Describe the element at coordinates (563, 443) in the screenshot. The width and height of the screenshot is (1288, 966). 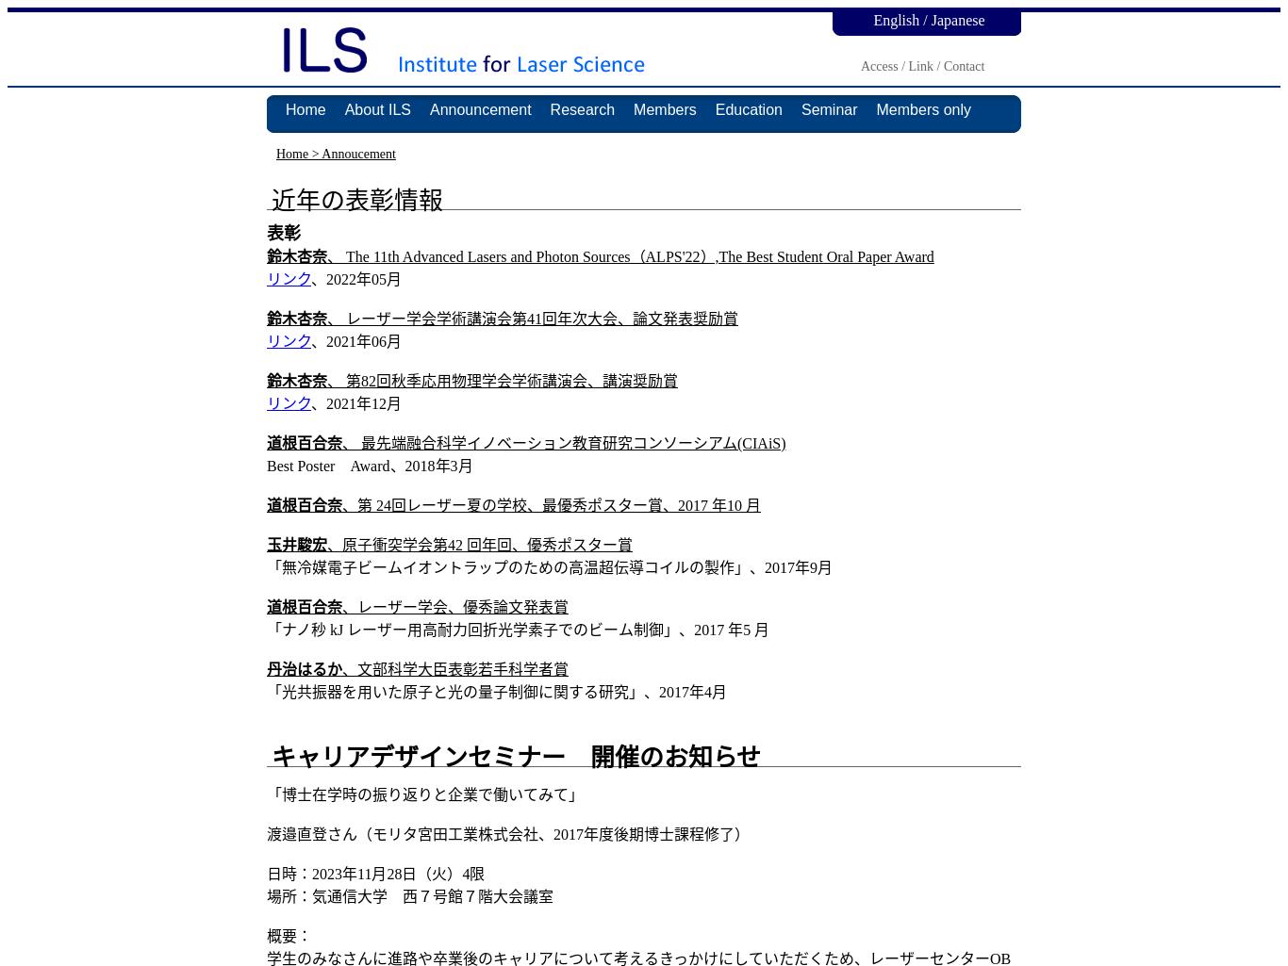
I see `'、 最先端融合科学イノベーション教育研究コンソーシアム(CIAiS)'` at that location.